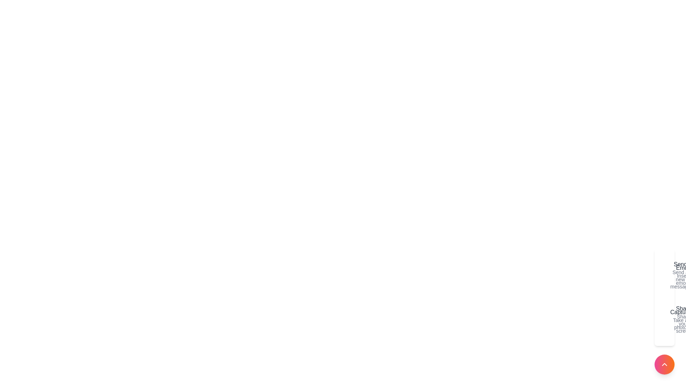 The height and width of the screenshot is (386, 686). I want to click on the button at the bottom-right corner to toggle the menu visibility, so click(664, 364).